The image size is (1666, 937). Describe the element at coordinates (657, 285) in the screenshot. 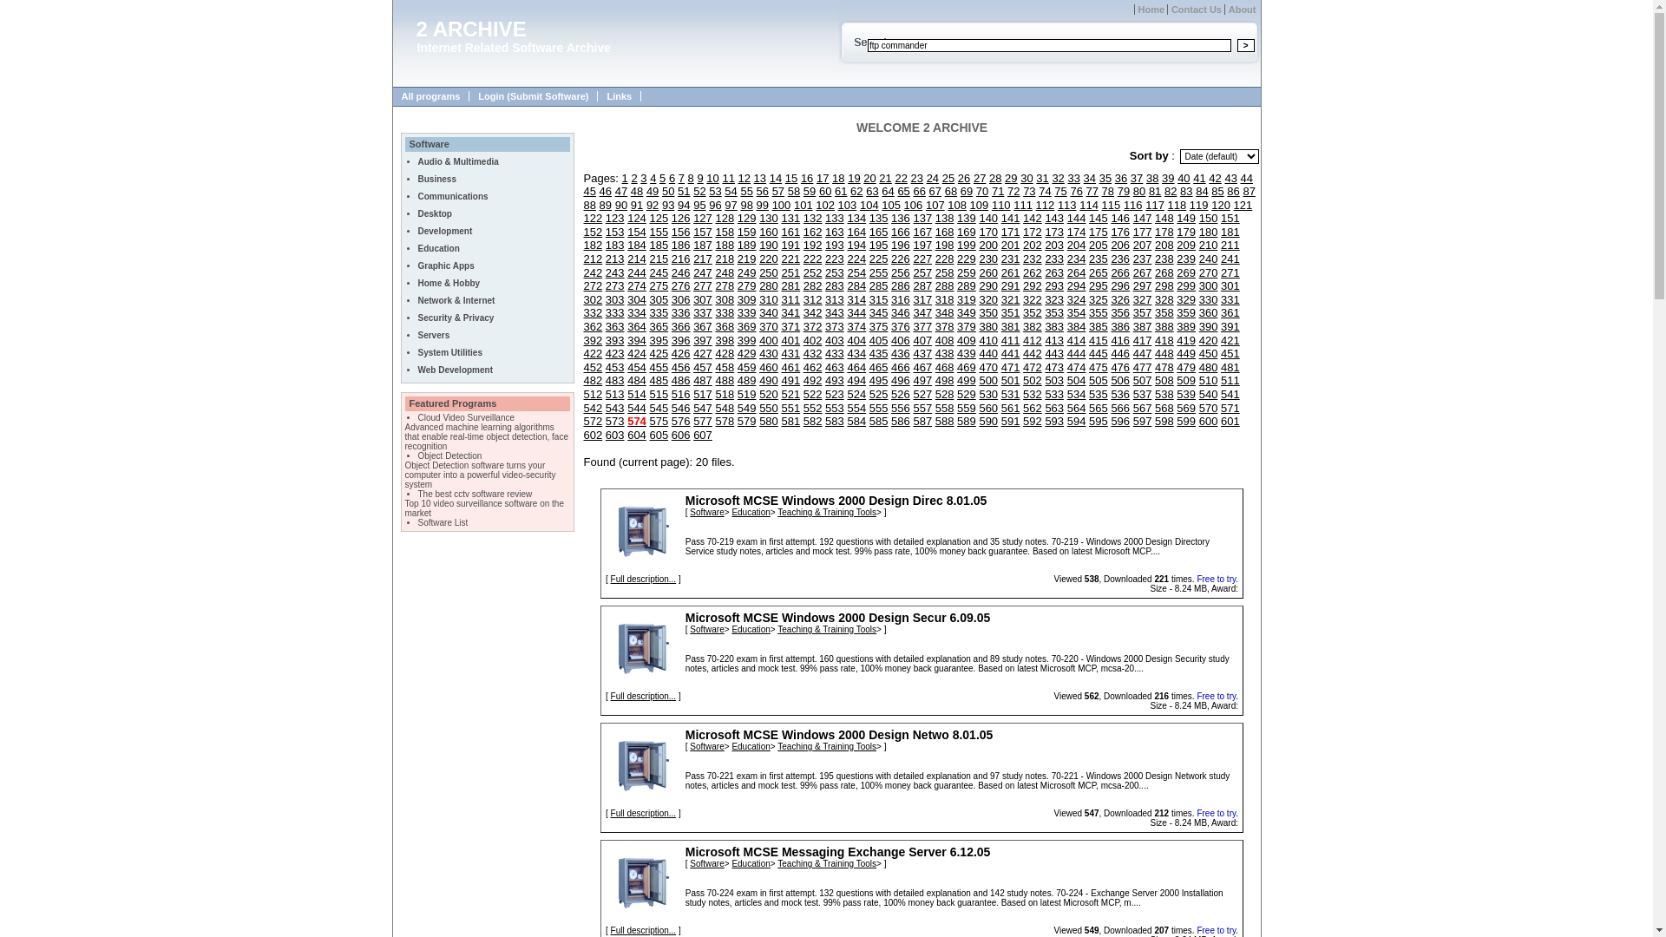

I see `'275'` at that location.